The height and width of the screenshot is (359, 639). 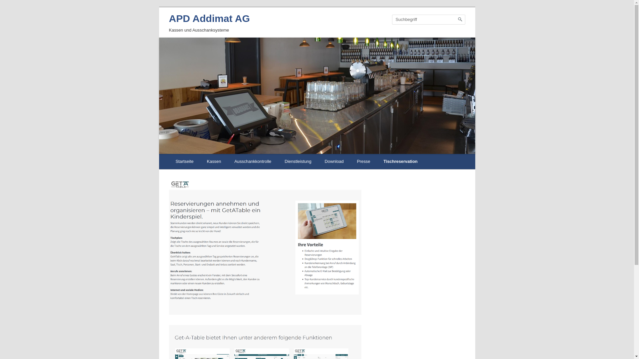 What do you see at coordinates (214, 162) in the screenshot?
I see `'Kassen'` at bounding box center [214, 162].